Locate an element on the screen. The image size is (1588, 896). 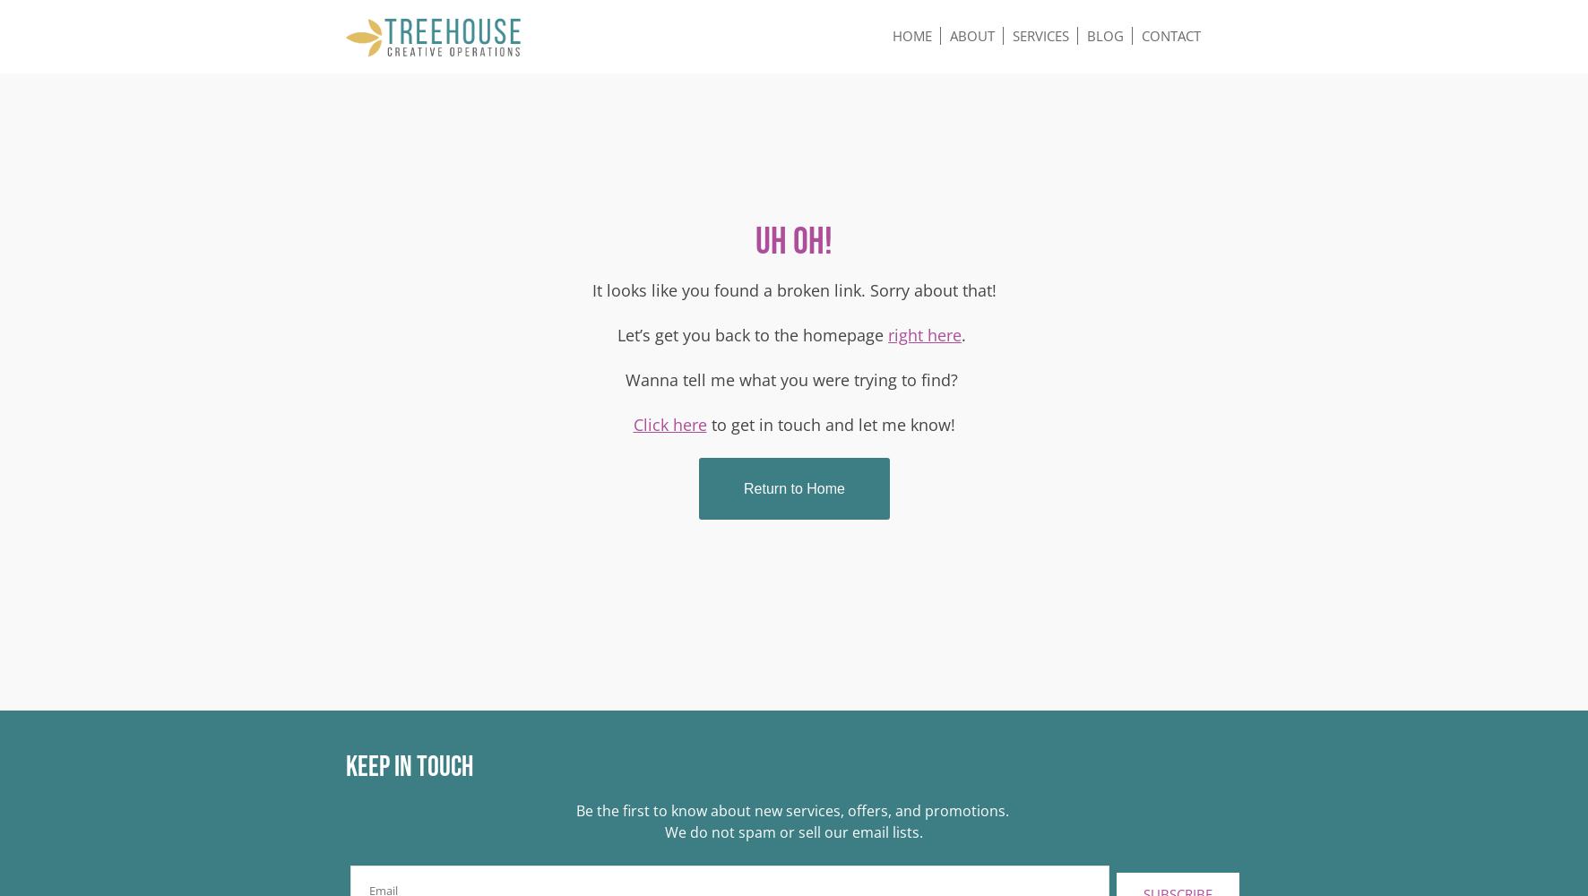
'Home' is located at coordinates (912, 36).